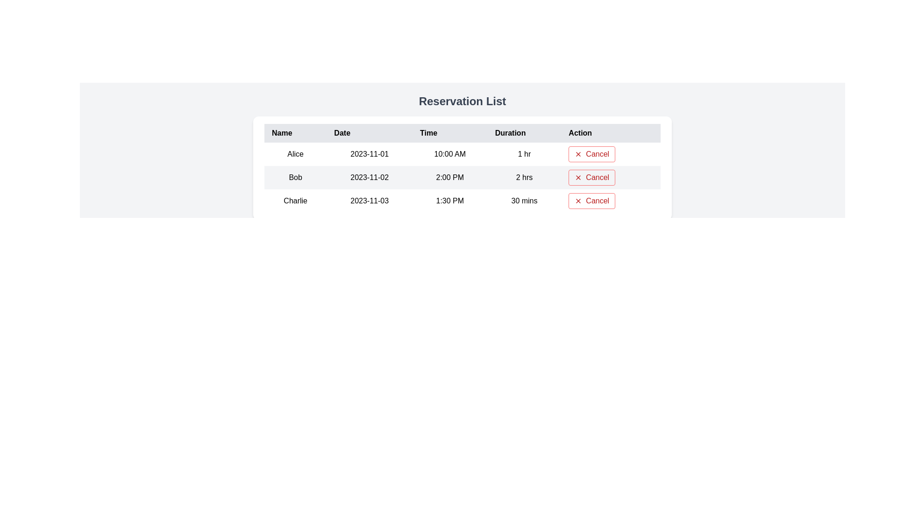 The width and height of the screenshot is (897, 505). I want to click on displayed time from the static text label showing '1:30 PM' in black, located in the 'Time' column of the third row under the 'Reservation List' section, so click(450, 200).